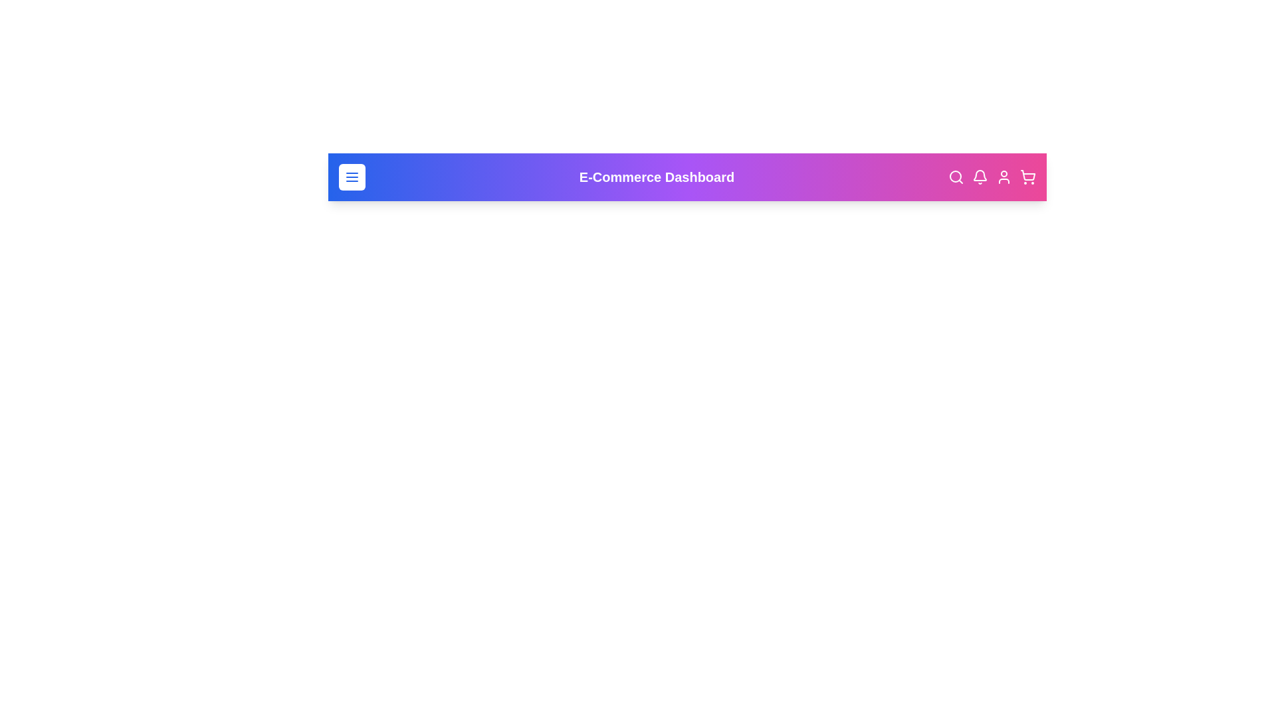 The width and height of the screenshot is (1276, 717). Describe the element at coordinates (1004, 176) in the screenshot. I see `the user profile icon to access user-related options` at that location.